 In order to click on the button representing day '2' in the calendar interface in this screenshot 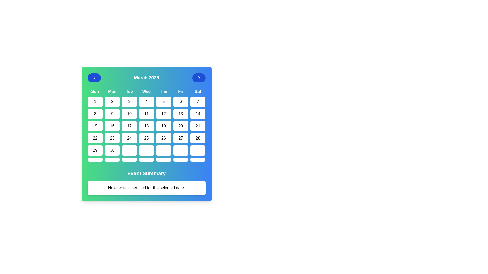, I will do `click(112, 102)`.